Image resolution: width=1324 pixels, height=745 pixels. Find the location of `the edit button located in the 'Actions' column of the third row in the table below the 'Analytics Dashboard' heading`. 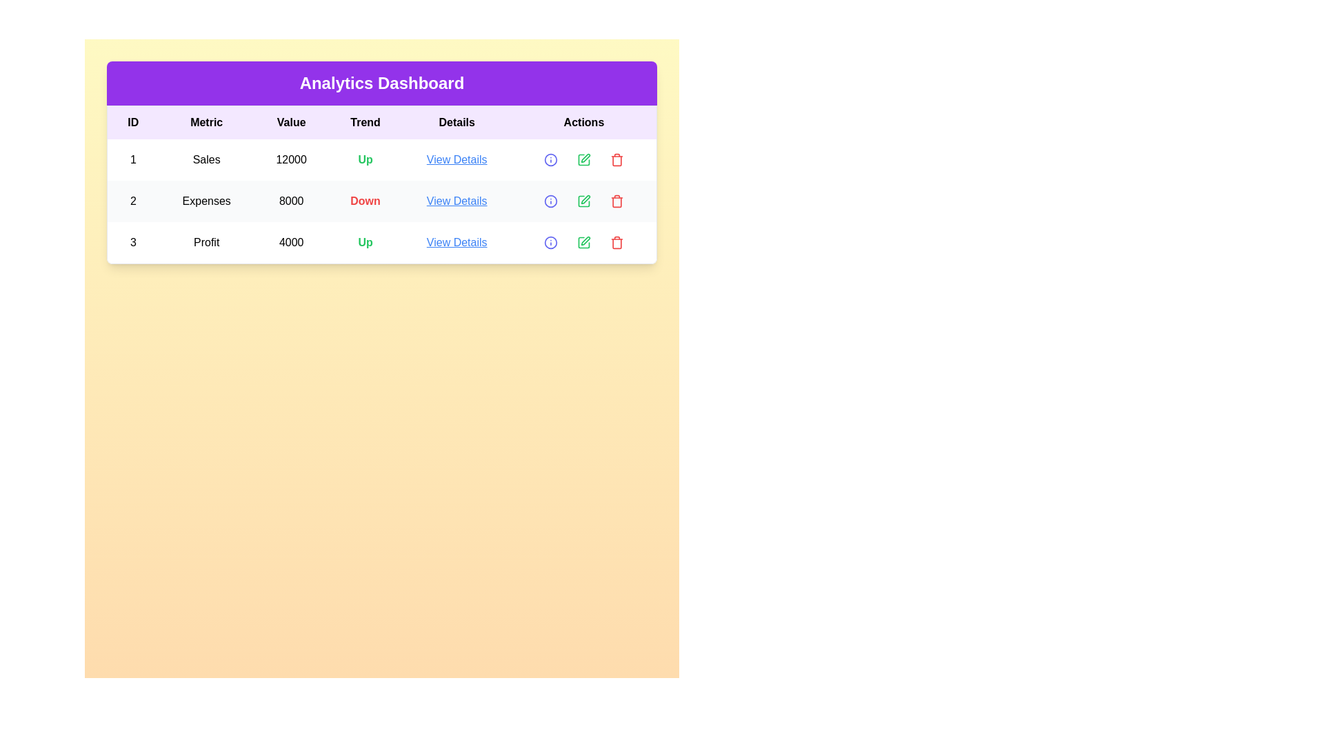

the edit button located in the 'Actions' column of the third row in the table below the 'Analytics Dashboard' heading is located at coordinates (583, 241).